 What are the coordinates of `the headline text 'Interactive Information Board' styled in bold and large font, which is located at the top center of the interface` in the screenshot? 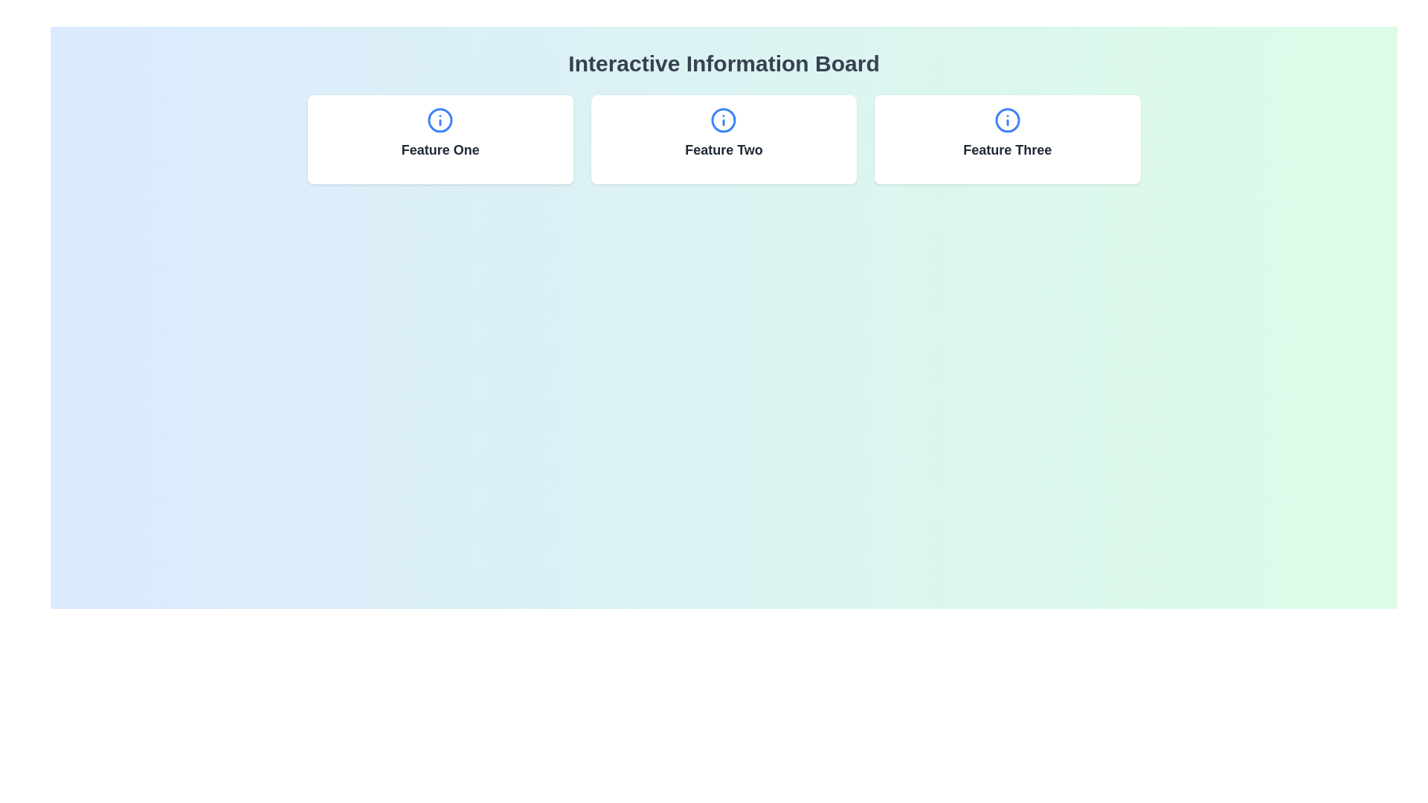 It's located at (724, 62).